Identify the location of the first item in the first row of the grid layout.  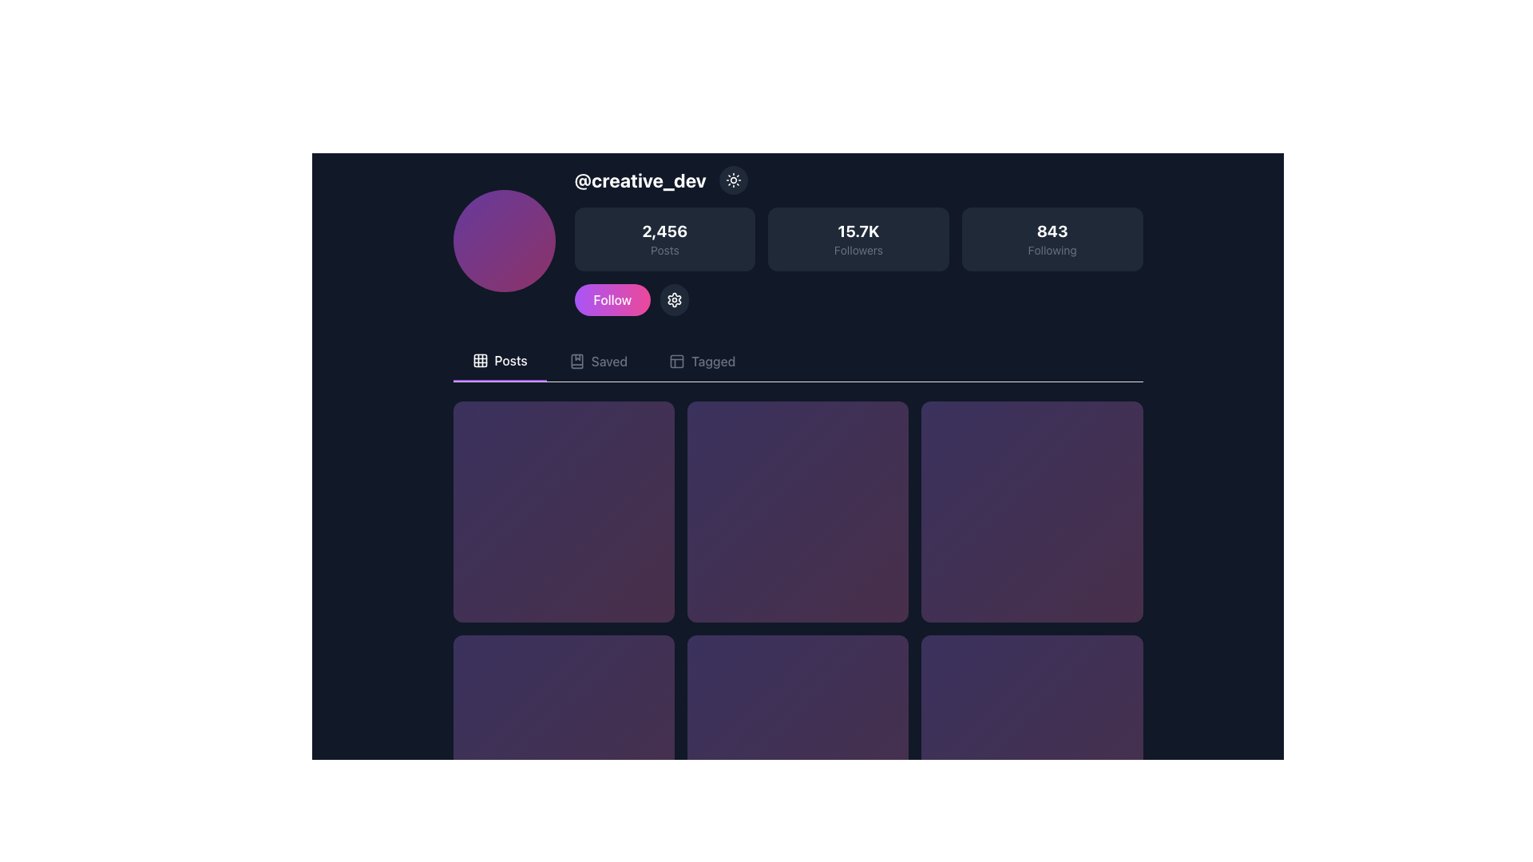
(563, 511).